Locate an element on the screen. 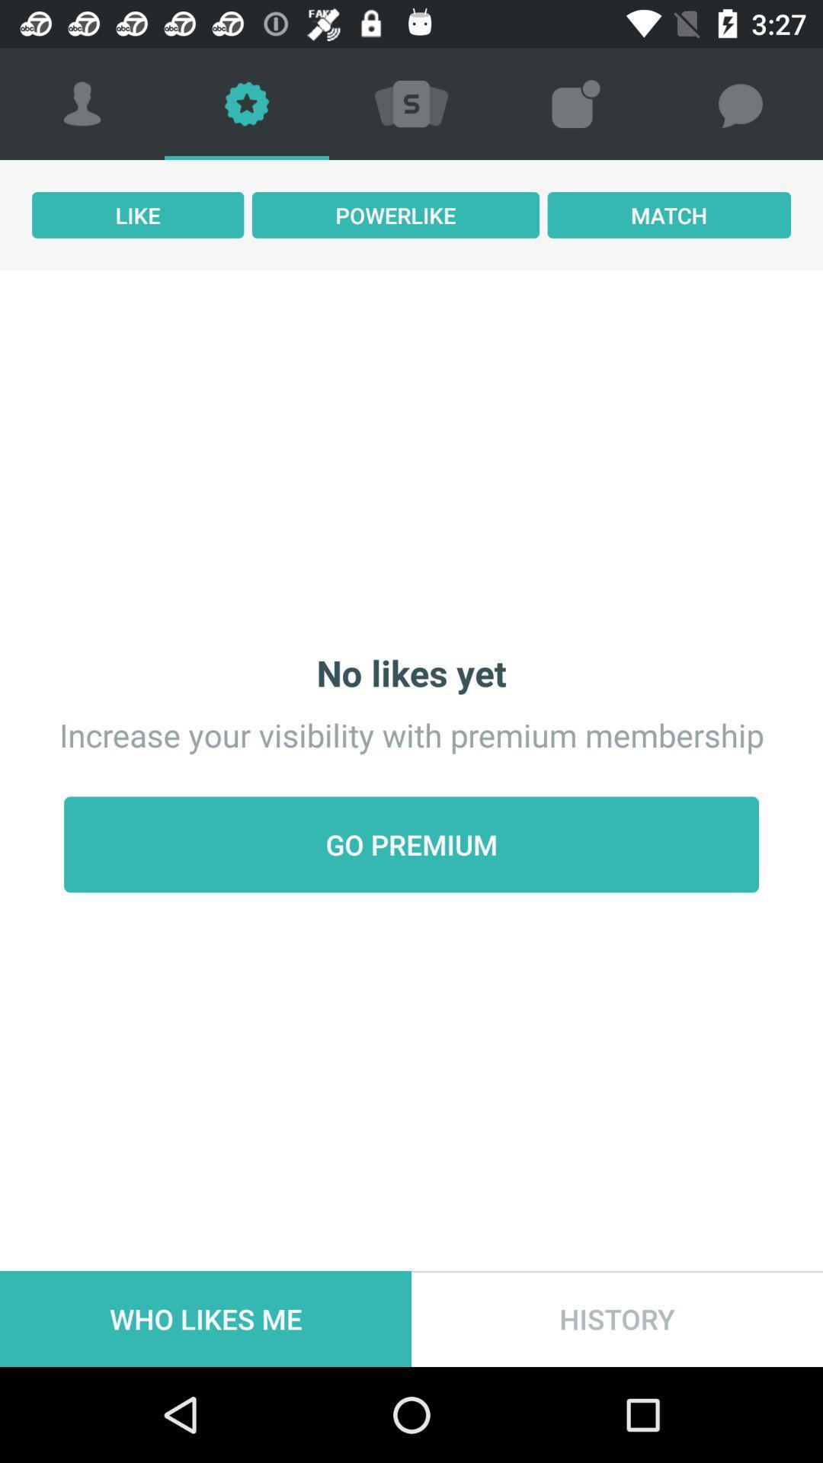 This screenshot has width=823, height=1463. the icon above who likes me icon is located at coordinates (411, 844).